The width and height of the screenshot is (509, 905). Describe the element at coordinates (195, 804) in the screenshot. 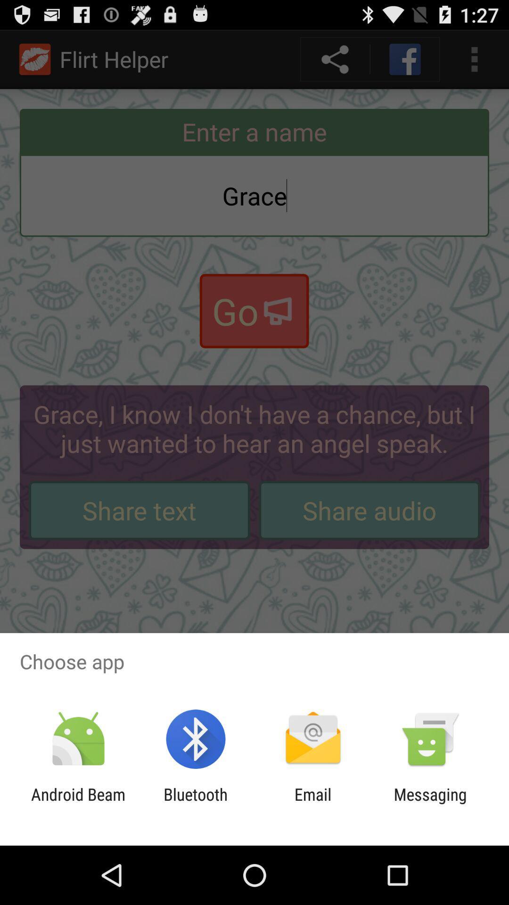

I see `the bluetooth item` at that location.